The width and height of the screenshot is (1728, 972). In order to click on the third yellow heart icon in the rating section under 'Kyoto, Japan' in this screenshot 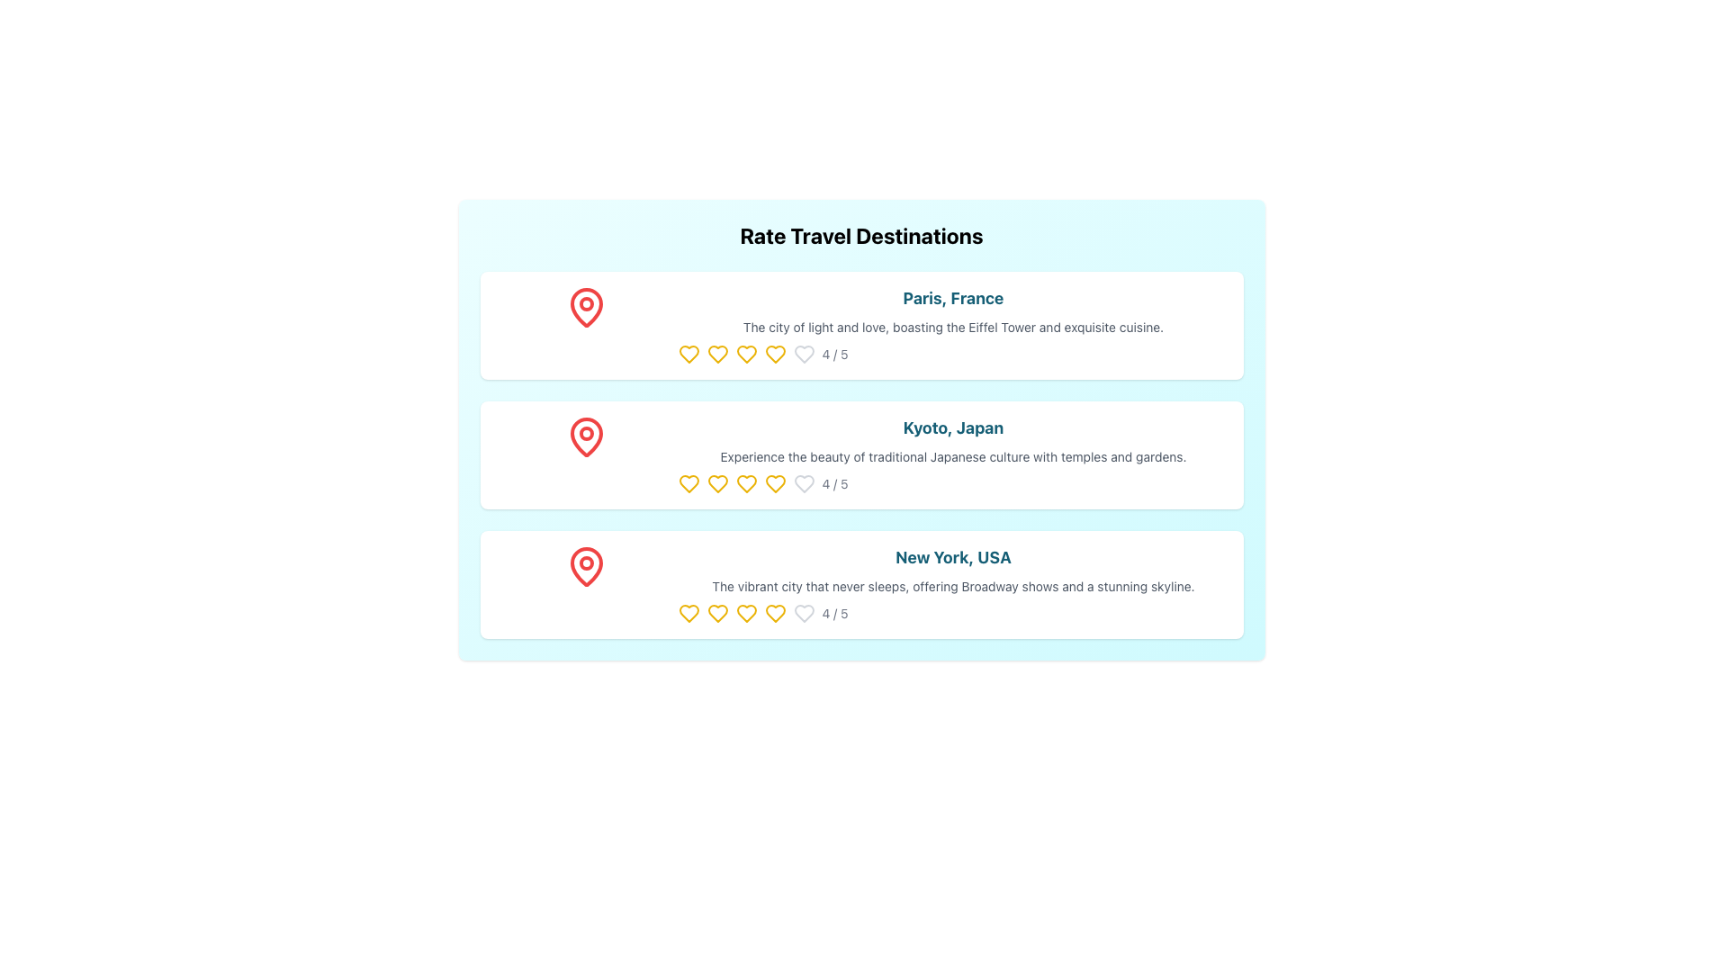, I will do `click(746, 482)`.